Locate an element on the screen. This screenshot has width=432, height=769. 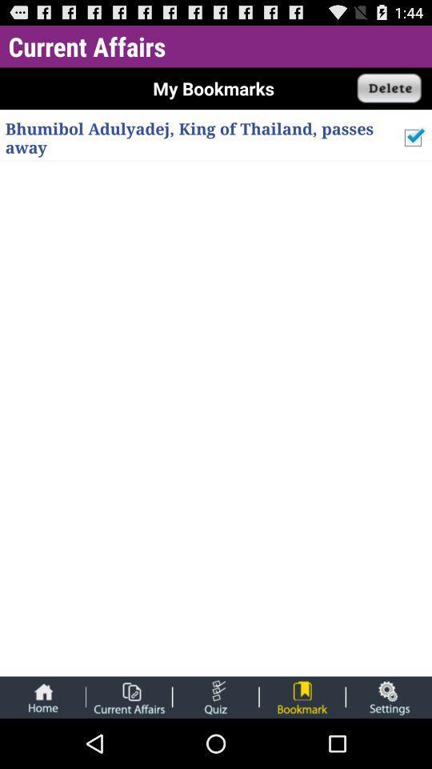
delete option is located at coordinates (389, 88).